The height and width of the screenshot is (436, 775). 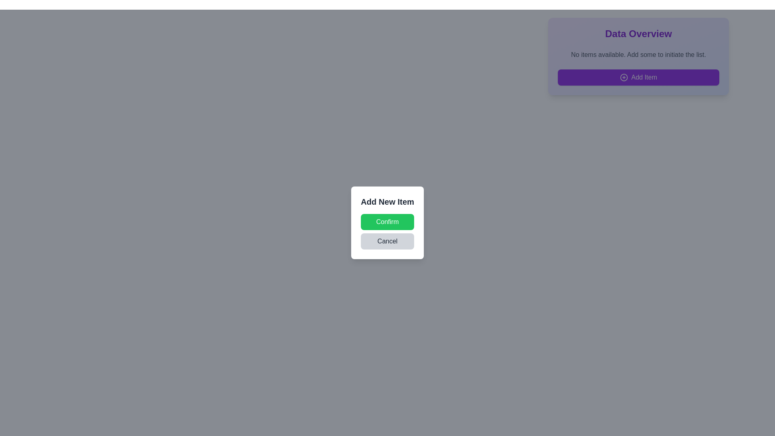 I want to click on the center of the circular '+' icon located to the left of the 'Add Item' text button in the top-right quadrant, so click(x=623, y=78).